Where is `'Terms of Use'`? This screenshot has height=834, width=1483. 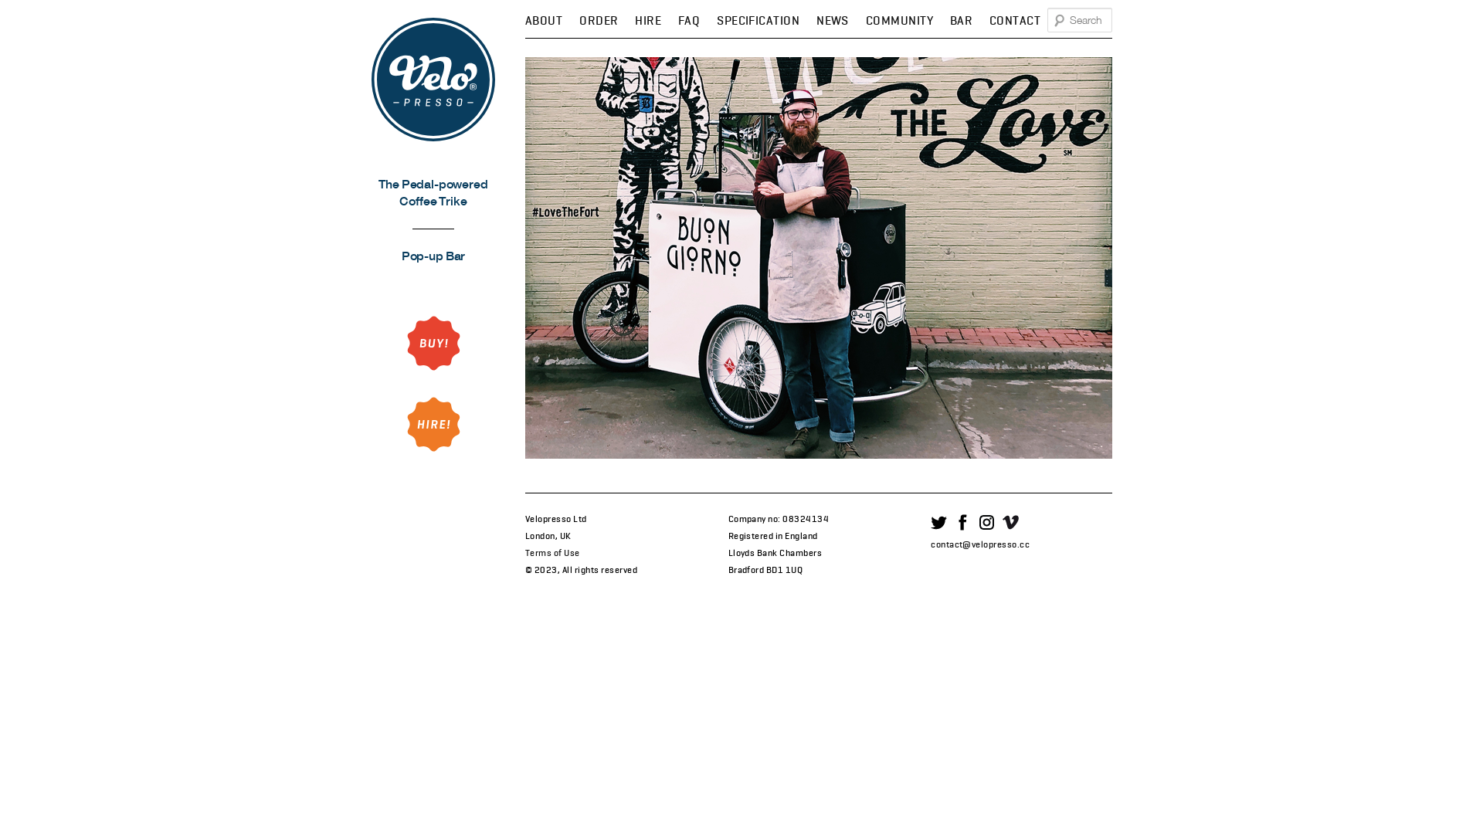 'Terms of Use' is located at coordinates (552, 551).